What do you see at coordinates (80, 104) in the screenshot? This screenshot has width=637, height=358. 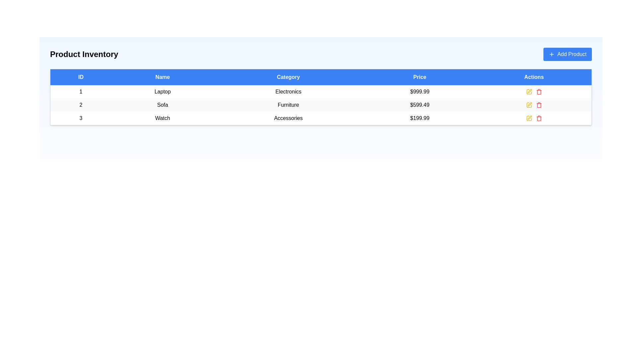 I see `the text display showing the number '2', which is located in the first column of the second row under the 'ID' header` at bounding box center [80, 104].